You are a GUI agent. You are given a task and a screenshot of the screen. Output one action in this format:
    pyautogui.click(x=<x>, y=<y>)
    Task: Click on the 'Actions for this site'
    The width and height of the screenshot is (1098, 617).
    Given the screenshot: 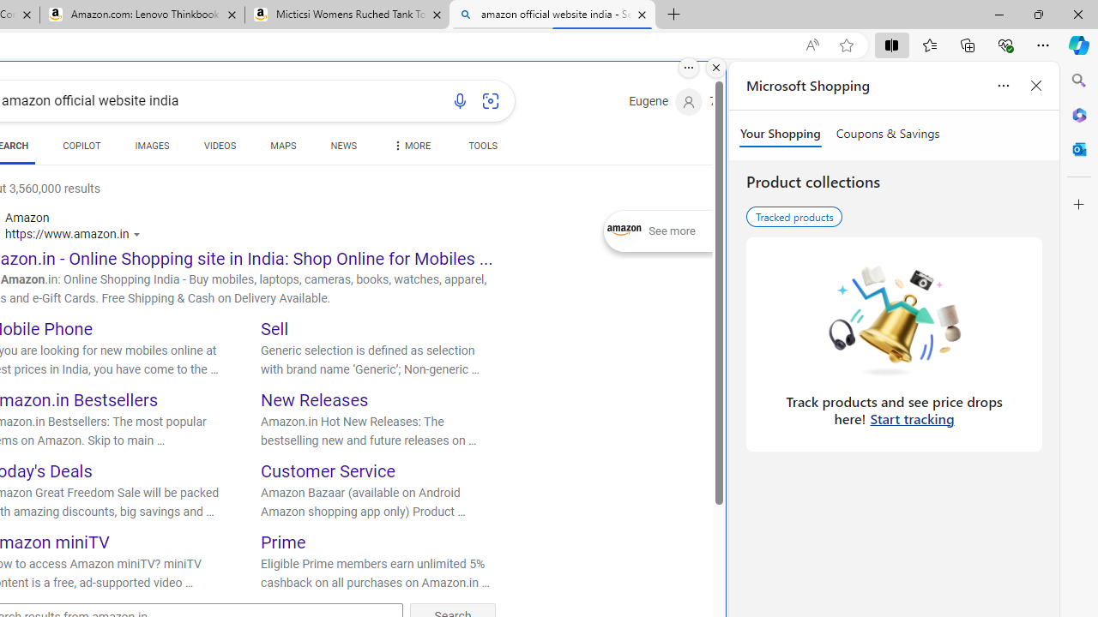 What is the action you would take?
    pyautogui.click(x=138, y=234)
    